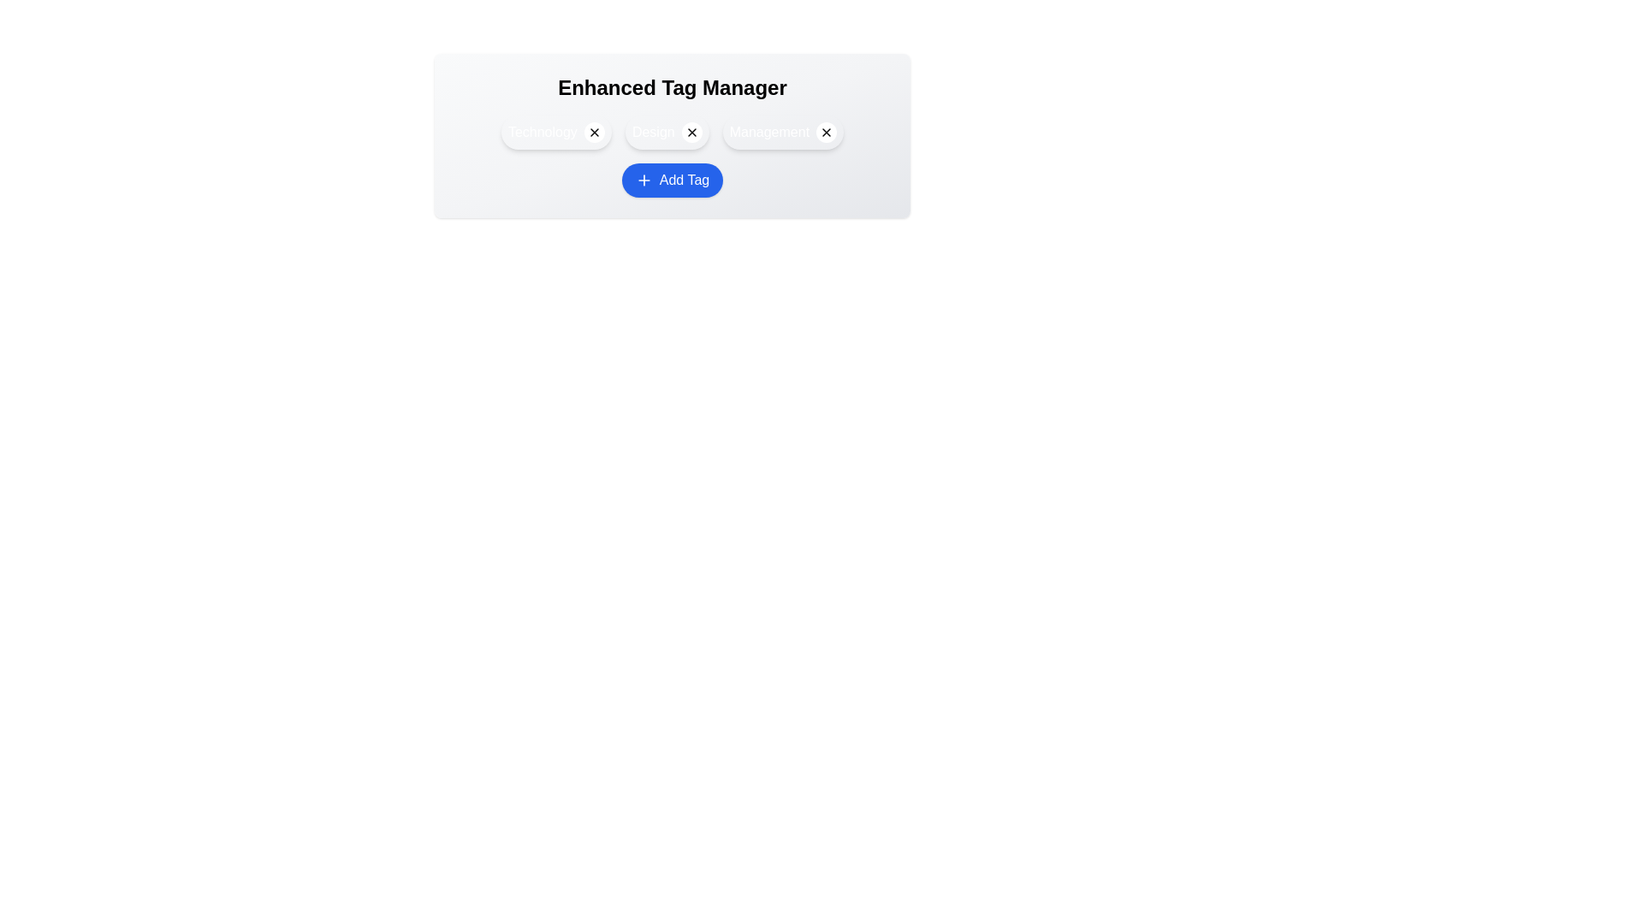 This screenshot has width=1643, height=924. What do you see at coordinates (666, 131) in the screenshot?
I see `the tag labeled Design` at bounding box center [666, 131].